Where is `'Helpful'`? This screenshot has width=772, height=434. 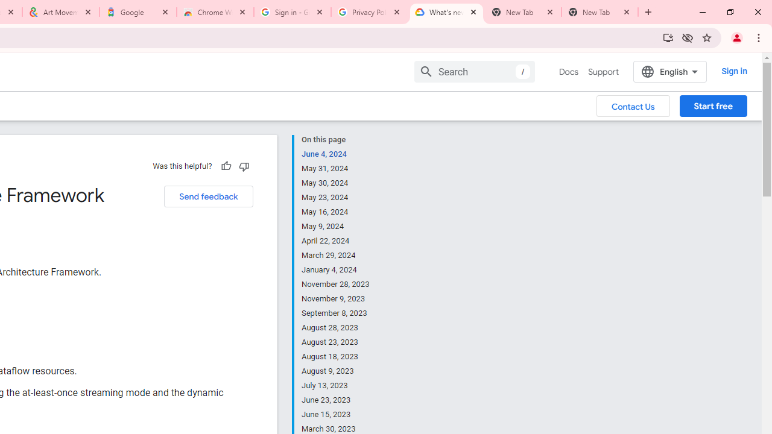 'Helpful' is located at coordinates (226, 166).